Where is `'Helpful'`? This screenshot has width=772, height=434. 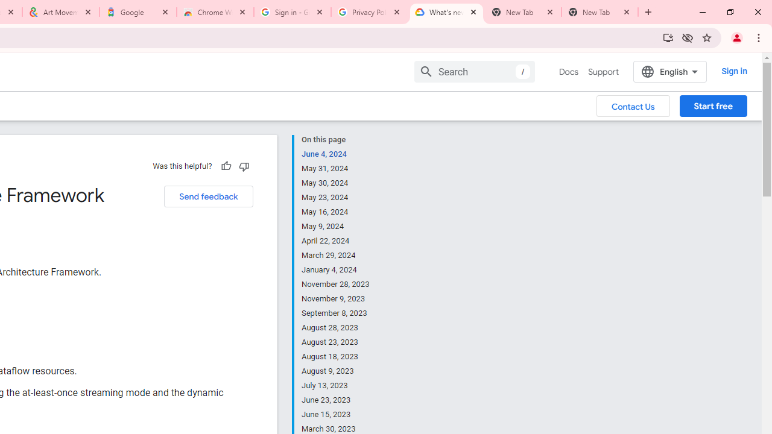 'Helpful' is located at coordinates (226, 166).